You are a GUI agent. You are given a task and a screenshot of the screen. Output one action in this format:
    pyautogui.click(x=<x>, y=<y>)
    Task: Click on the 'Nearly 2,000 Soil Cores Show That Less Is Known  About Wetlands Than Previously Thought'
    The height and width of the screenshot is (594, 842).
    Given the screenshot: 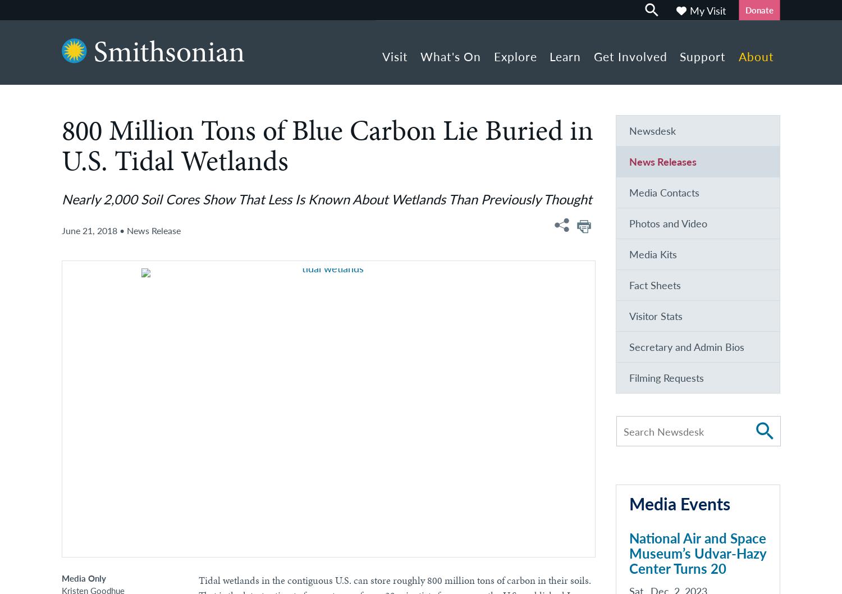 What is the action you would take?
    pyautogui.click(x=326, y=199)
    